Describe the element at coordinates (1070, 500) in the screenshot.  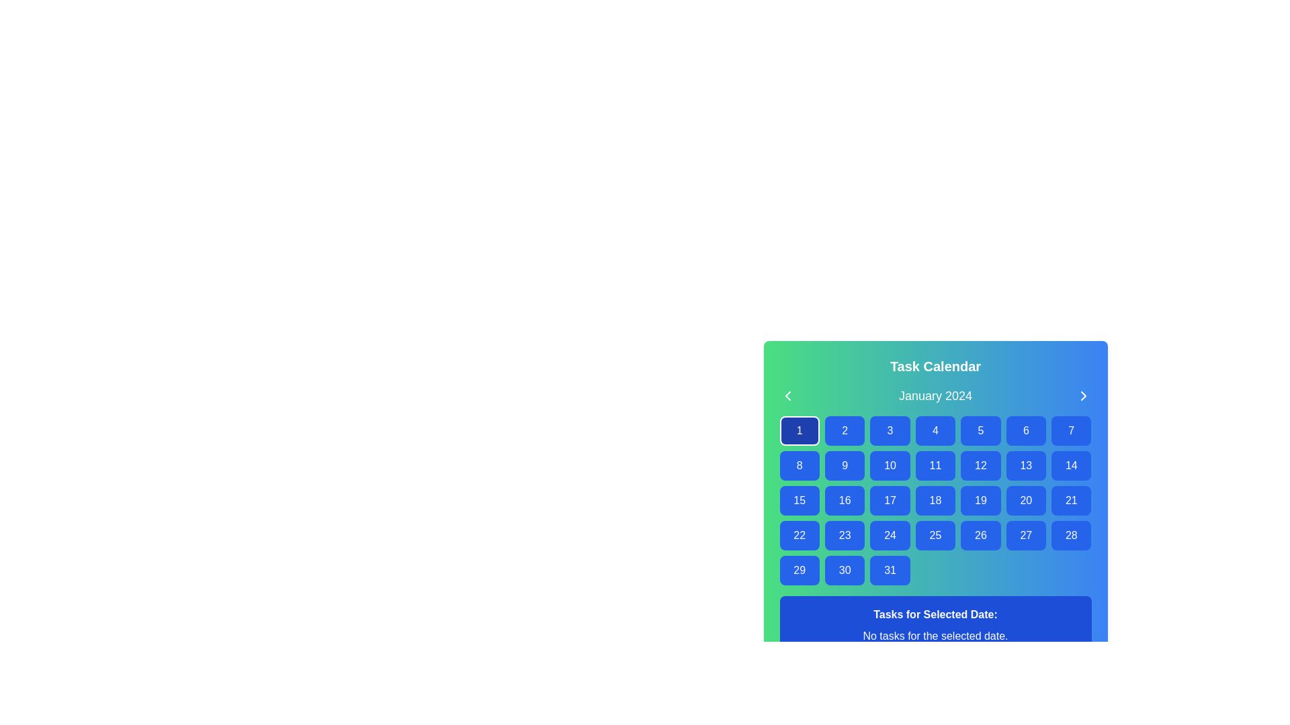
I see `the calendar date button for the date '21' located in the third row and seventh column of the calendar grid` at that location.